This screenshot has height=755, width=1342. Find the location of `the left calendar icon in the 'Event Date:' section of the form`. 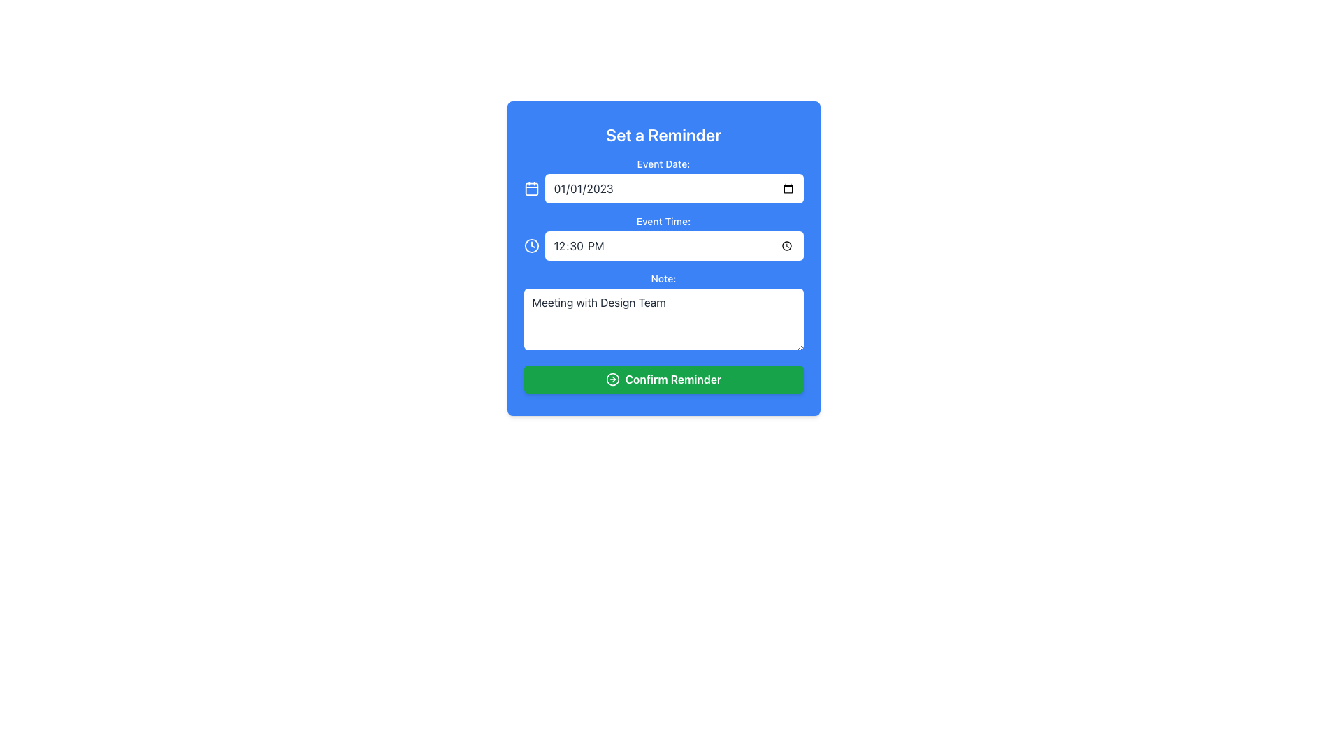

the left calendar icon in the 'Event Date:' section of the form is located at coordinates (663, 180).